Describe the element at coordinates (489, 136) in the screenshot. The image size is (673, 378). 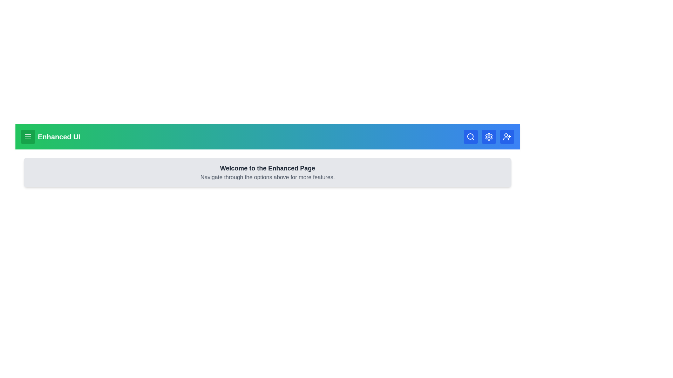
I see `the settings button` at that location.